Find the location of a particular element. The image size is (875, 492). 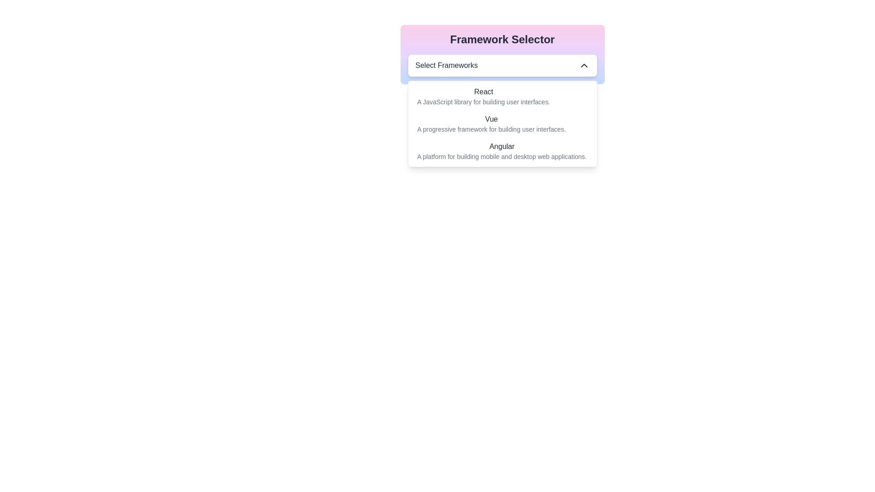

the Text block representing the React framework in the dropdown menu, which is the topmost item following the 'Framework Selector' header is located at coordinates (483, 97).